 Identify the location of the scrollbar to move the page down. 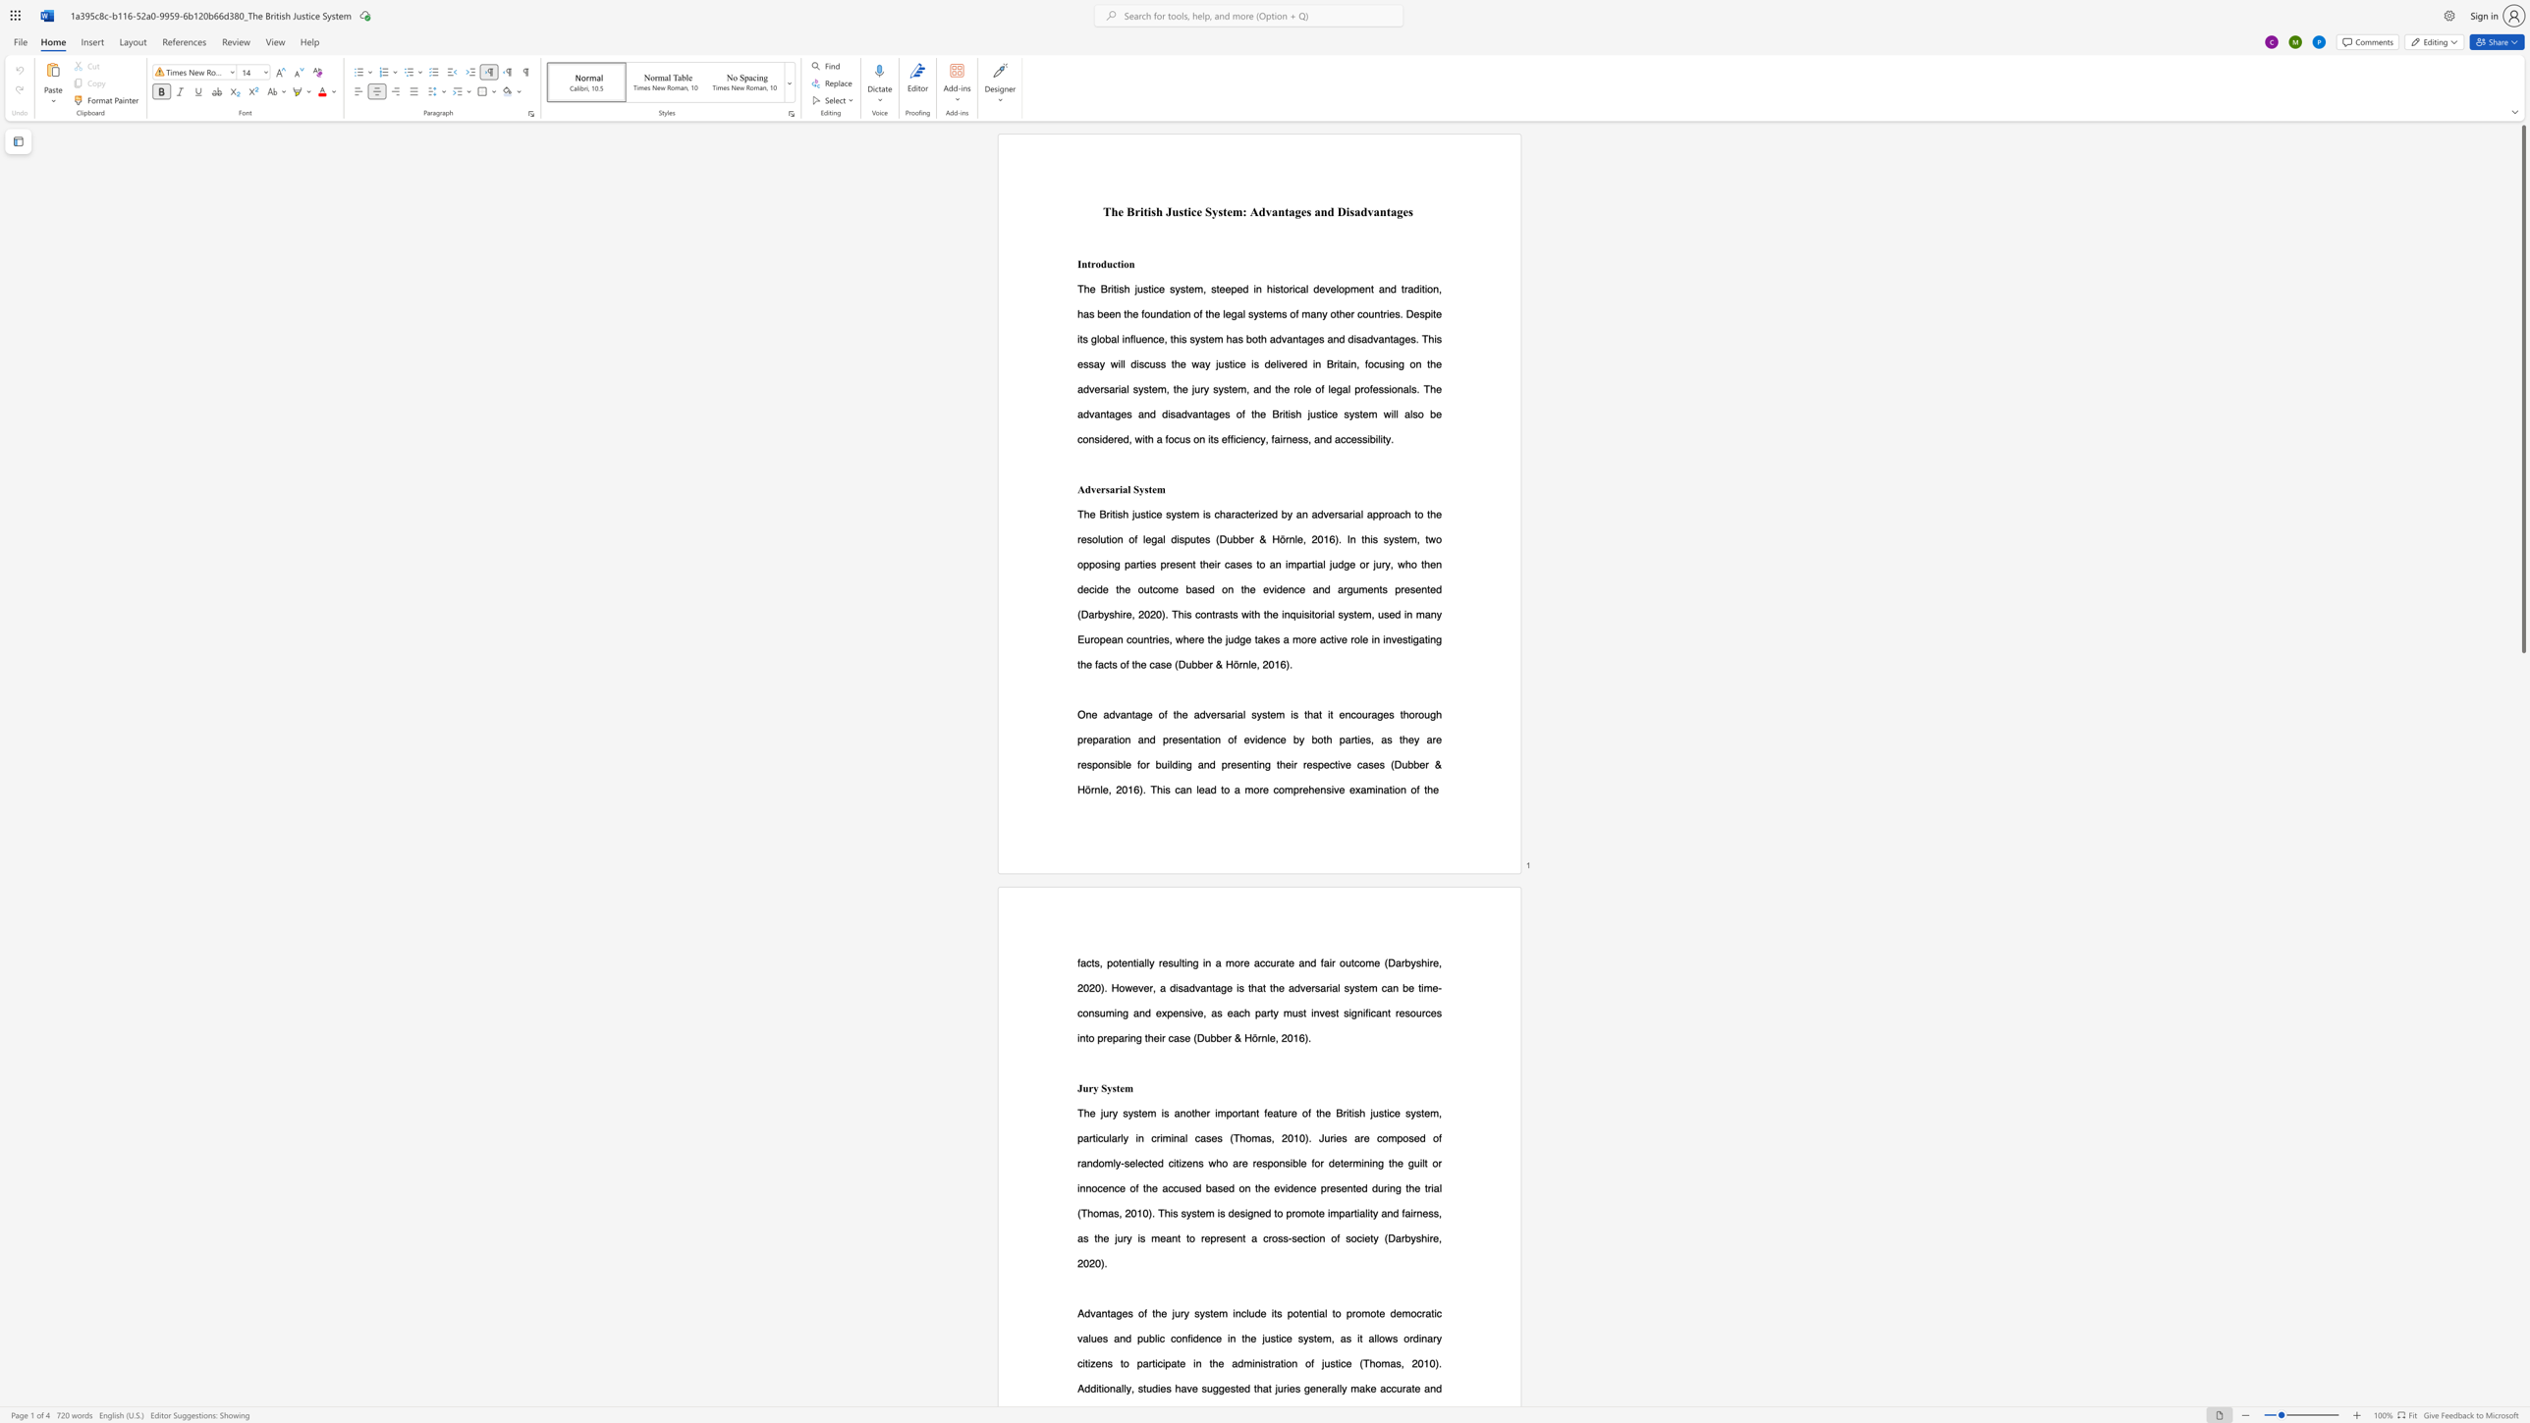
(2522, 1289).